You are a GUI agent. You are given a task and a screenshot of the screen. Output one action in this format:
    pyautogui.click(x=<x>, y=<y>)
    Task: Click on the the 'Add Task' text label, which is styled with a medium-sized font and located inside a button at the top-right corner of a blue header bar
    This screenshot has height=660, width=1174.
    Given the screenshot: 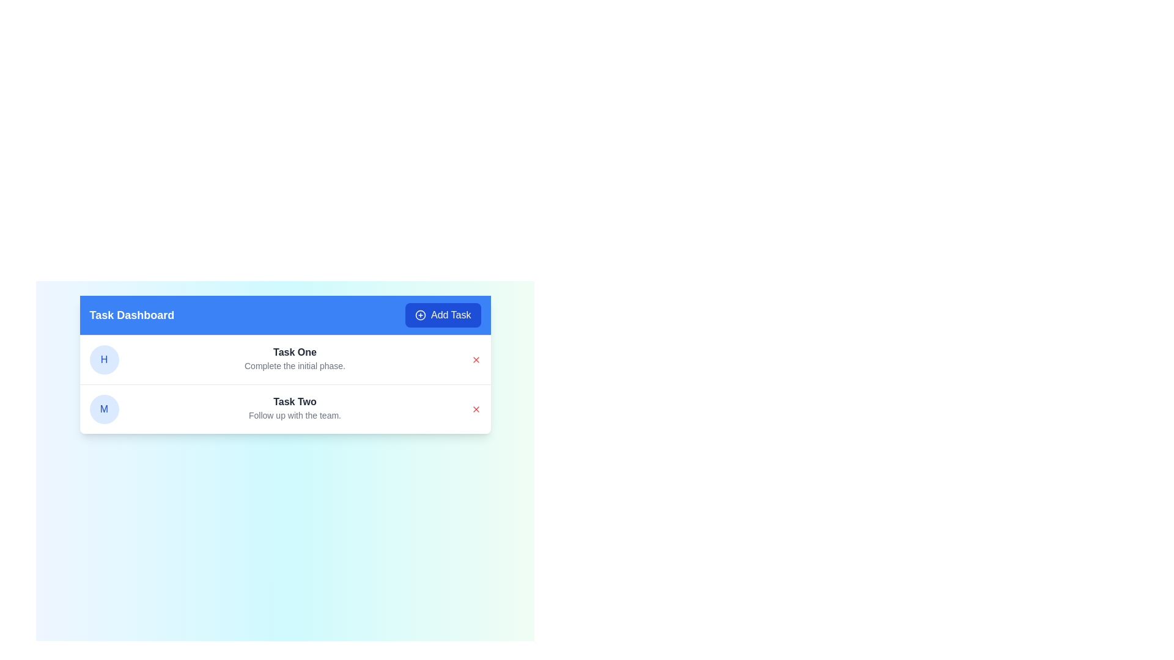 What is the action you would take?
    pyautogui.click(x=450, y=315)
    